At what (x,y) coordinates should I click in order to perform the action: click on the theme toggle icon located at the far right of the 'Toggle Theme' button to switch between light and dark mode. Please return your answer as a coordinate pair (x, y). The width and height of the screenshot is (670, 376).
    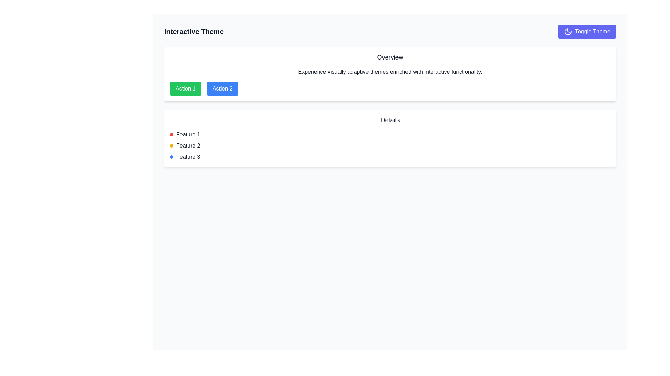
    Looking at the image, I should click on (568, 32).